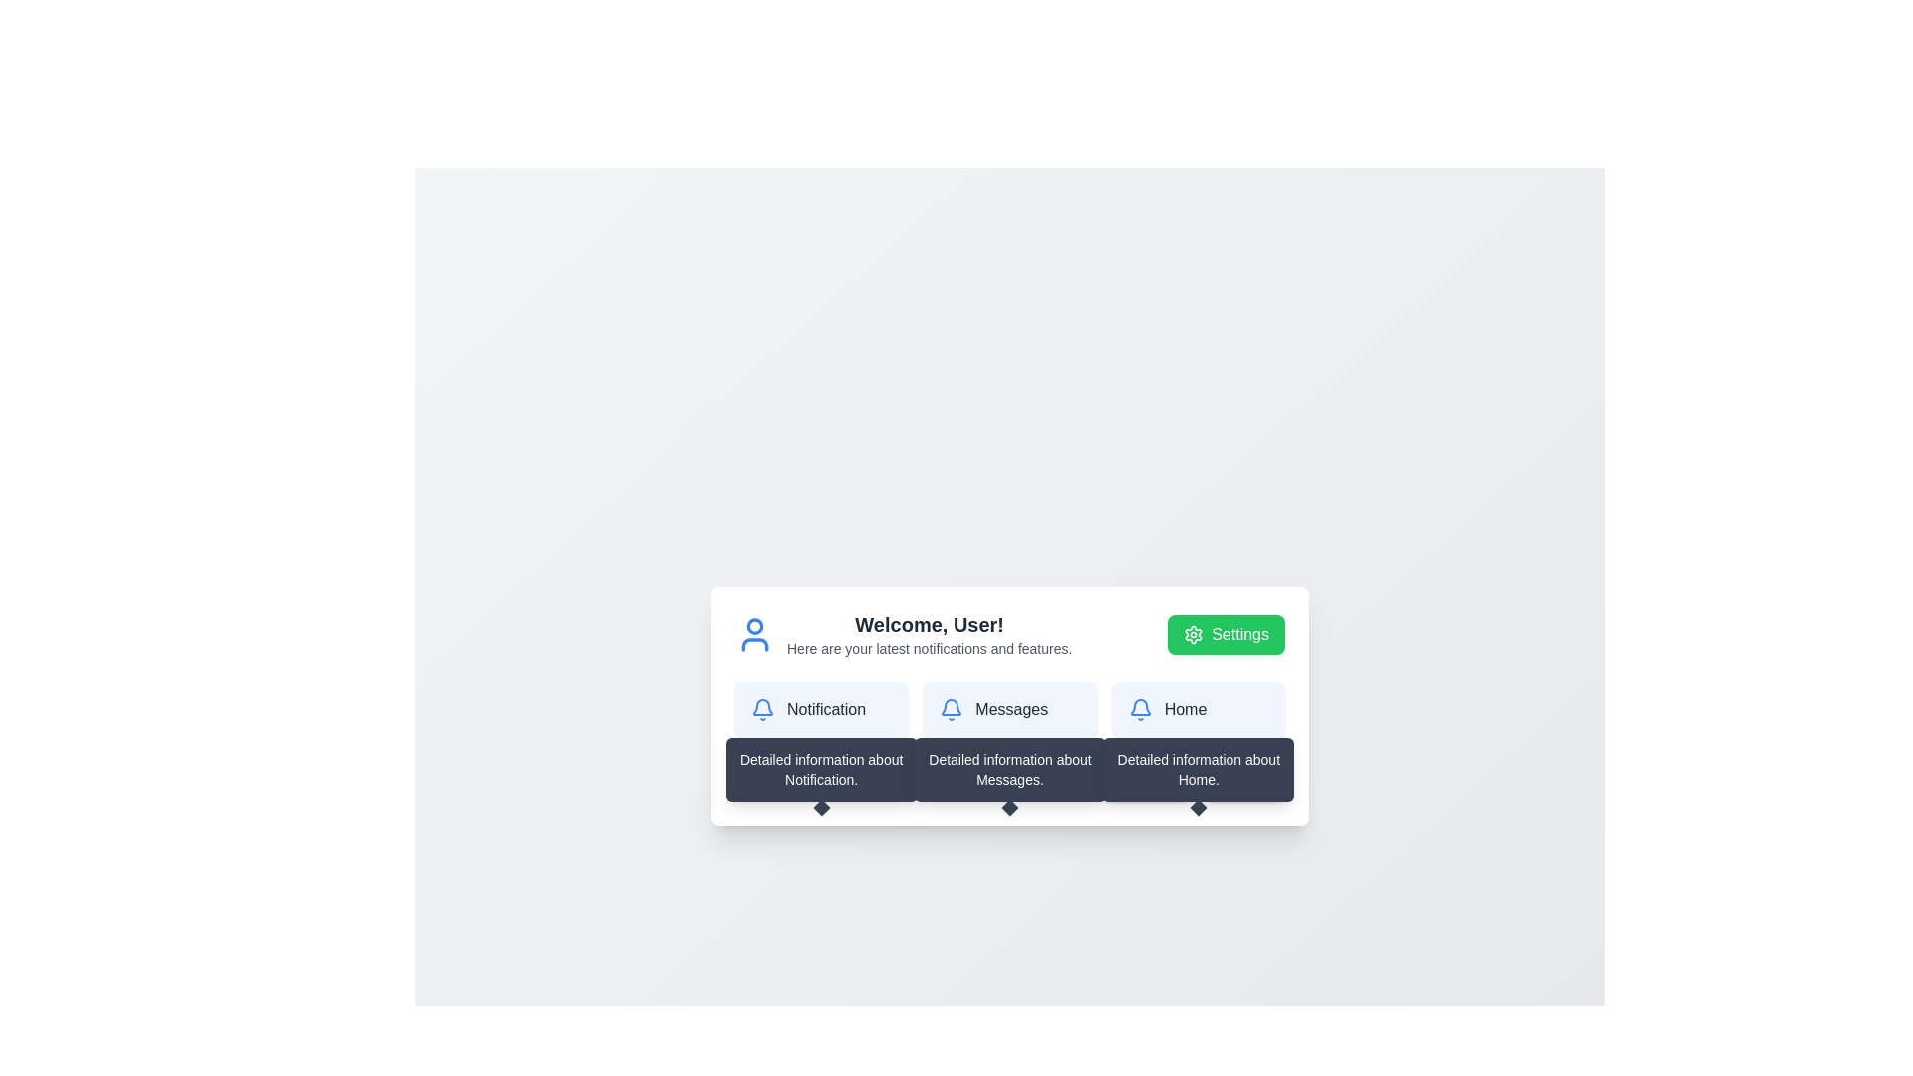  I want to click on the 'Notification' Button card located in the top-left of the first column in the three-column grid layout, adjacent to 'Messages' and 'Home', so click(821, 709).